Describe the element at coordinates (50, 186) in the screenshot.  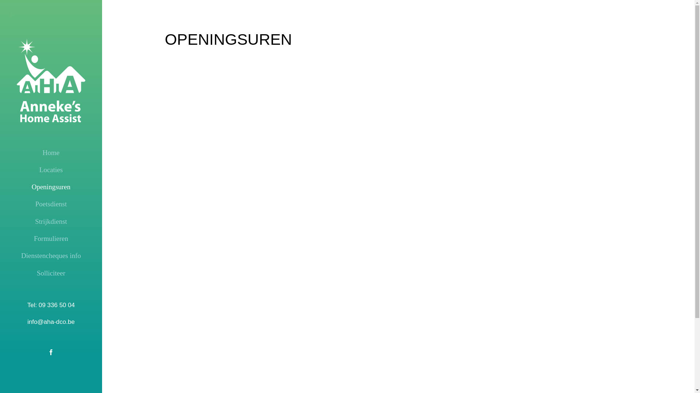
I see `'Openingsuren'` at that location.